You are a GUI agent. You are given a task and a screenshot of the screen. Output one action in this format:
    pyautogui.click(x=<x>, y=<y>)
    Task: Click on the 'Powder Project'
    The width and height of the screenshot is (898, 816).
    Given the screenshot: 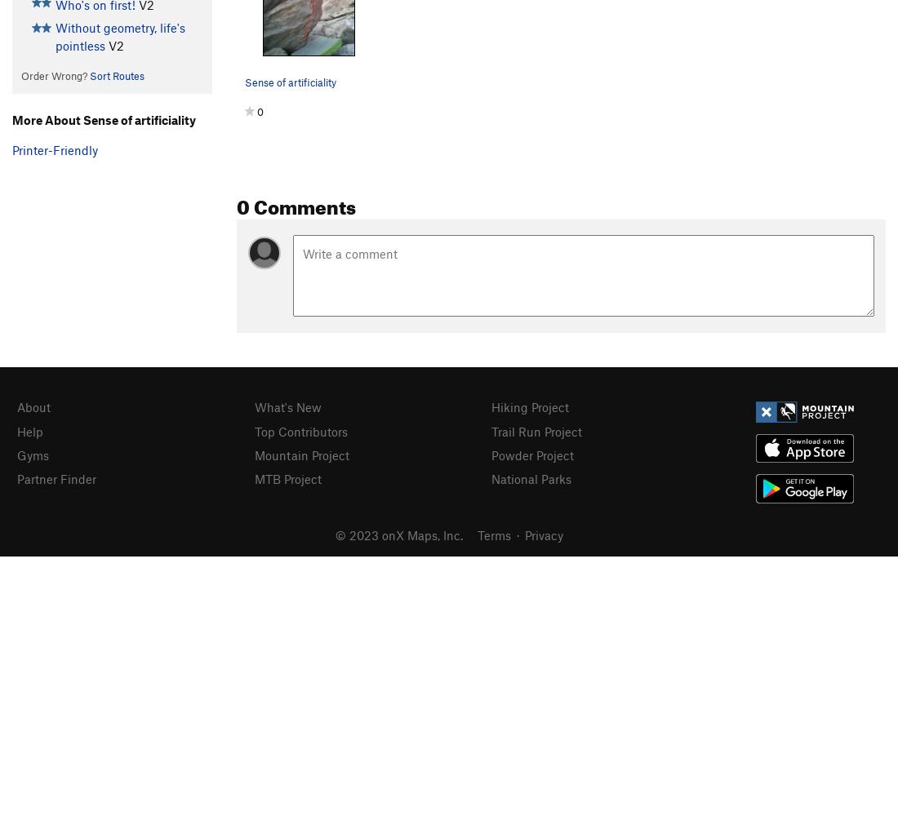 What is the action you would take?
    pyautogui.click(x=532, y=455)
    